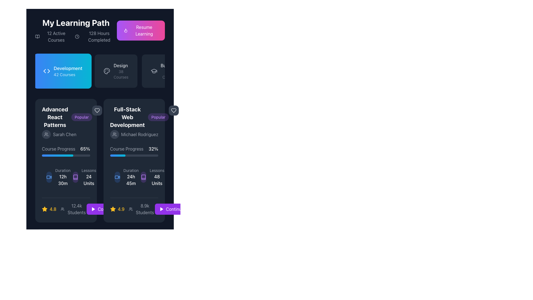 This screenshot has height=300, width=533. What do you see at coordinates (125, 31) in the screenshot?
I see `the decorative SVG-based vector graphic icon located near the top of the interface, which likely represents a concept like fire or heat` at bounding box center [125, 31].